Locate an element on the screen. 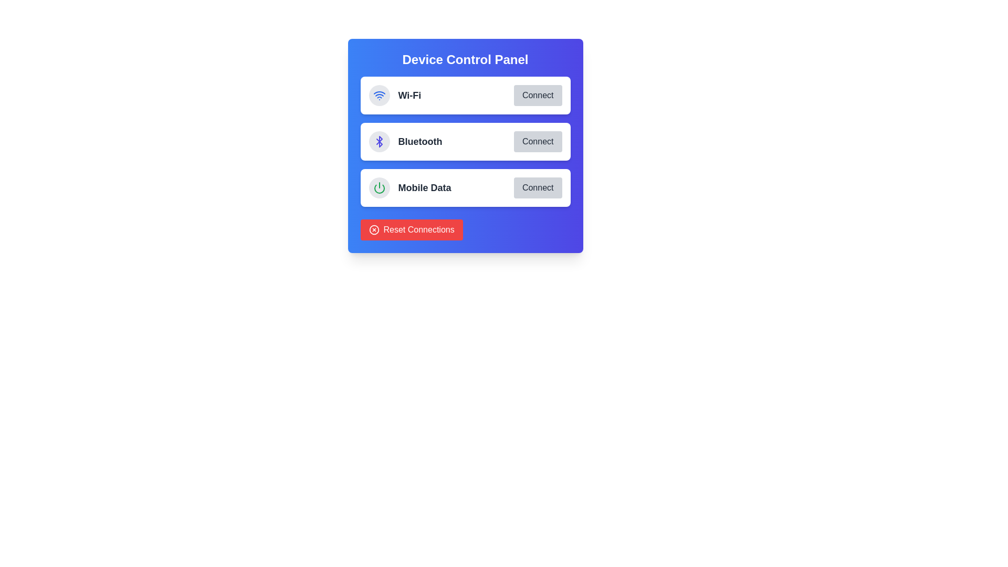 The width and height of the screenshot is (1008, 567). the 'Mobile Data' text label, which is styled with a bold font and located in the third row of the 'Device Control Panel', to the right of a green power icon is located at coordinates (425, 187).